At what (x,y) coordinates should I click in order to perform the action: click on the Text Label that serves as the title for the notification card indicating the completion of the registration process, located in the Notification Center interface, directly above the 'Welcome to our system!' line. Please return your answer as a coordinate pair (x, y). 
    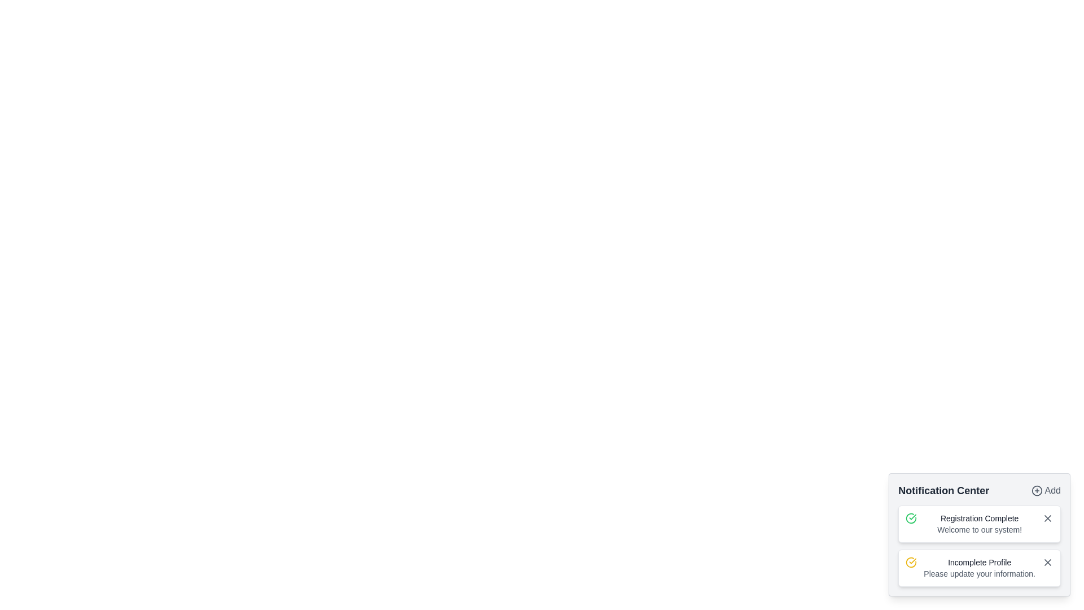
    Looking at the image, I should click on (979, 518).